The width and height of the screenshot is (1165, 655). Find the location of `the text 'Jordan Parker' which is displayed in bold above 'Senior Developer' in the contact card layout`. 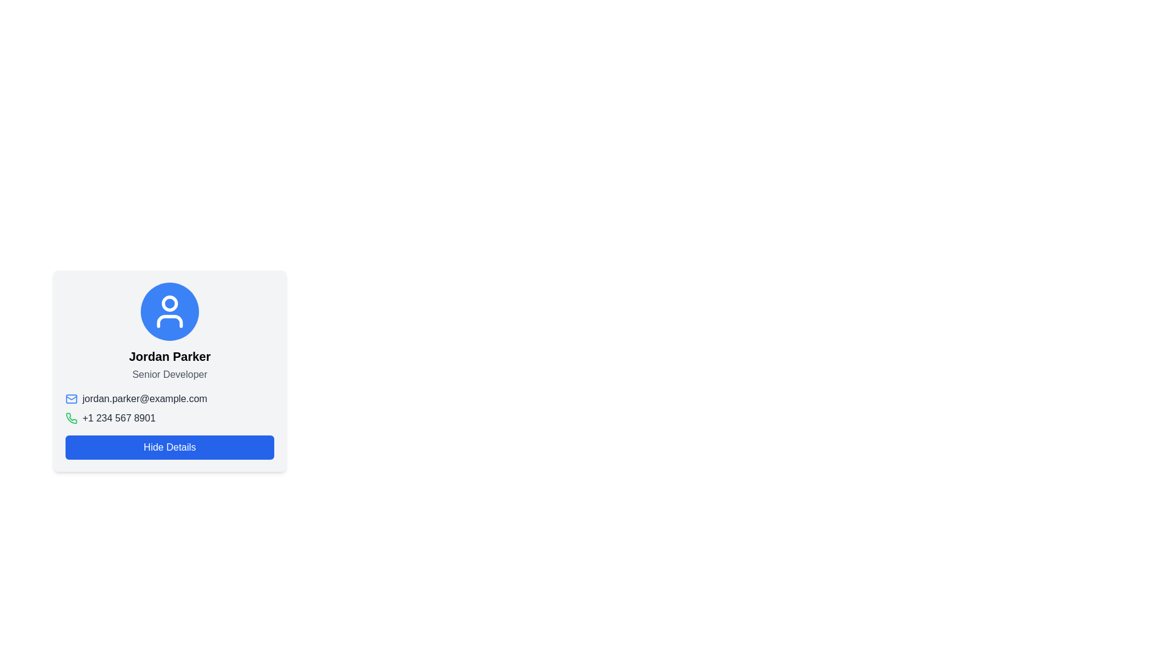

the text 'Jordan Parker' which is displayed in bold above 'Senior Developer' in the contact card layout is located at coordinates (169, 355).